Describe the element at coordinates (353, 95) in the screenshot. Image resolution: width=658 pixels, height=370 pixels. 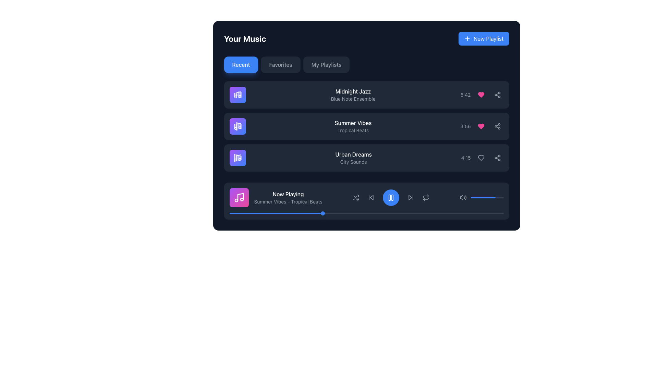
I see `the text display that shows the name and associated album or artist of a music track` at that location.